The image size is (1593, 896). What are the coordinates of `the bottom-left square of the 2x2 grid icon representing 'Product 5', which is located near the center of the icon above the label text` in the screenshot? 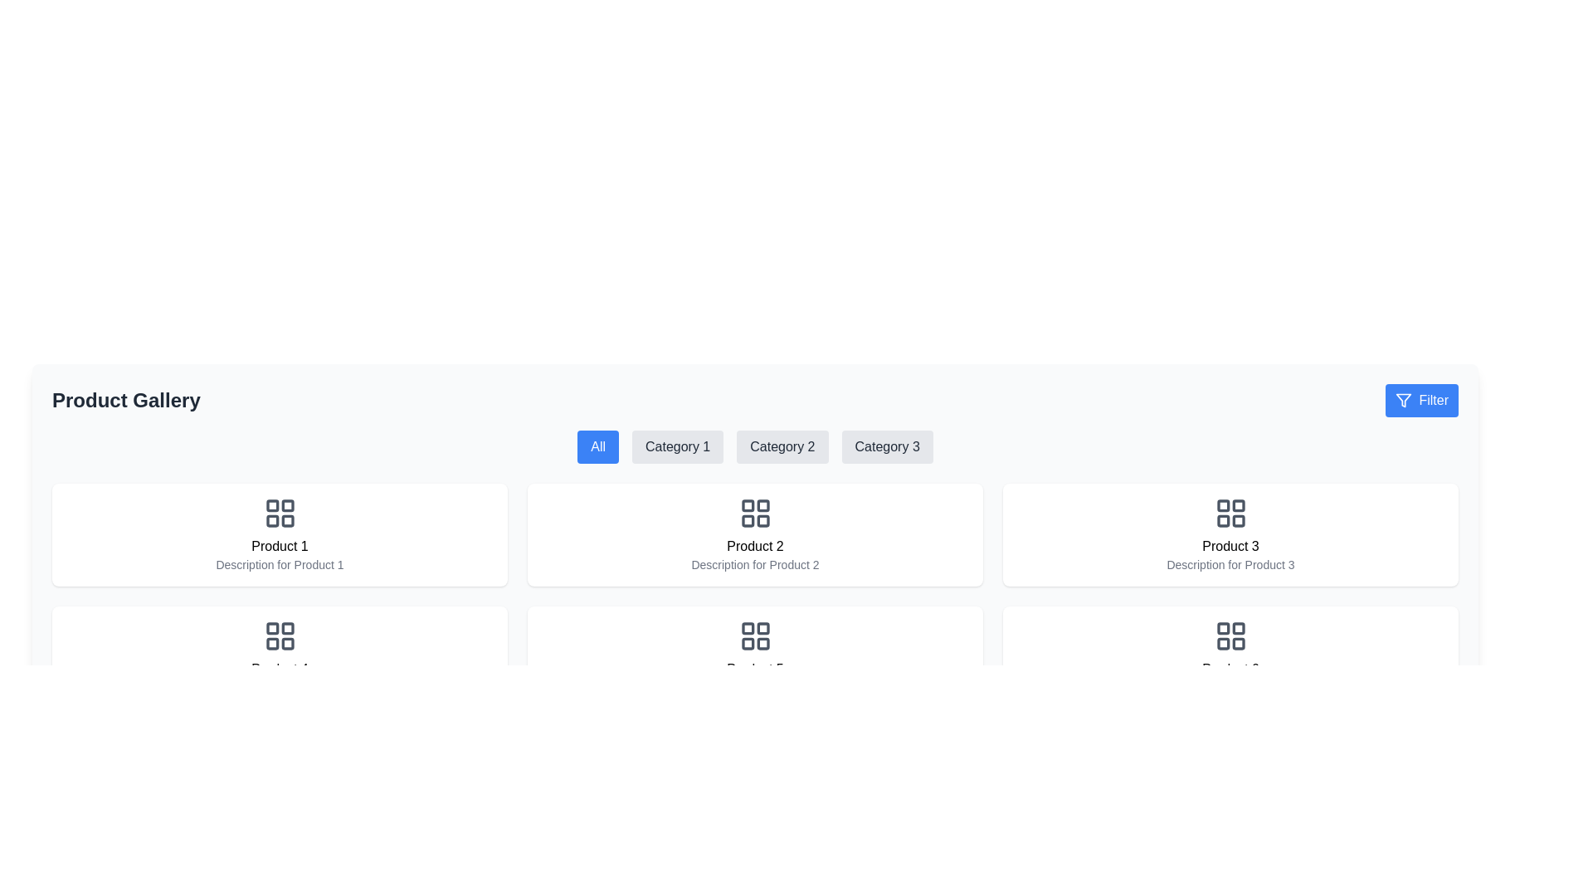 It's located at (747, 643).